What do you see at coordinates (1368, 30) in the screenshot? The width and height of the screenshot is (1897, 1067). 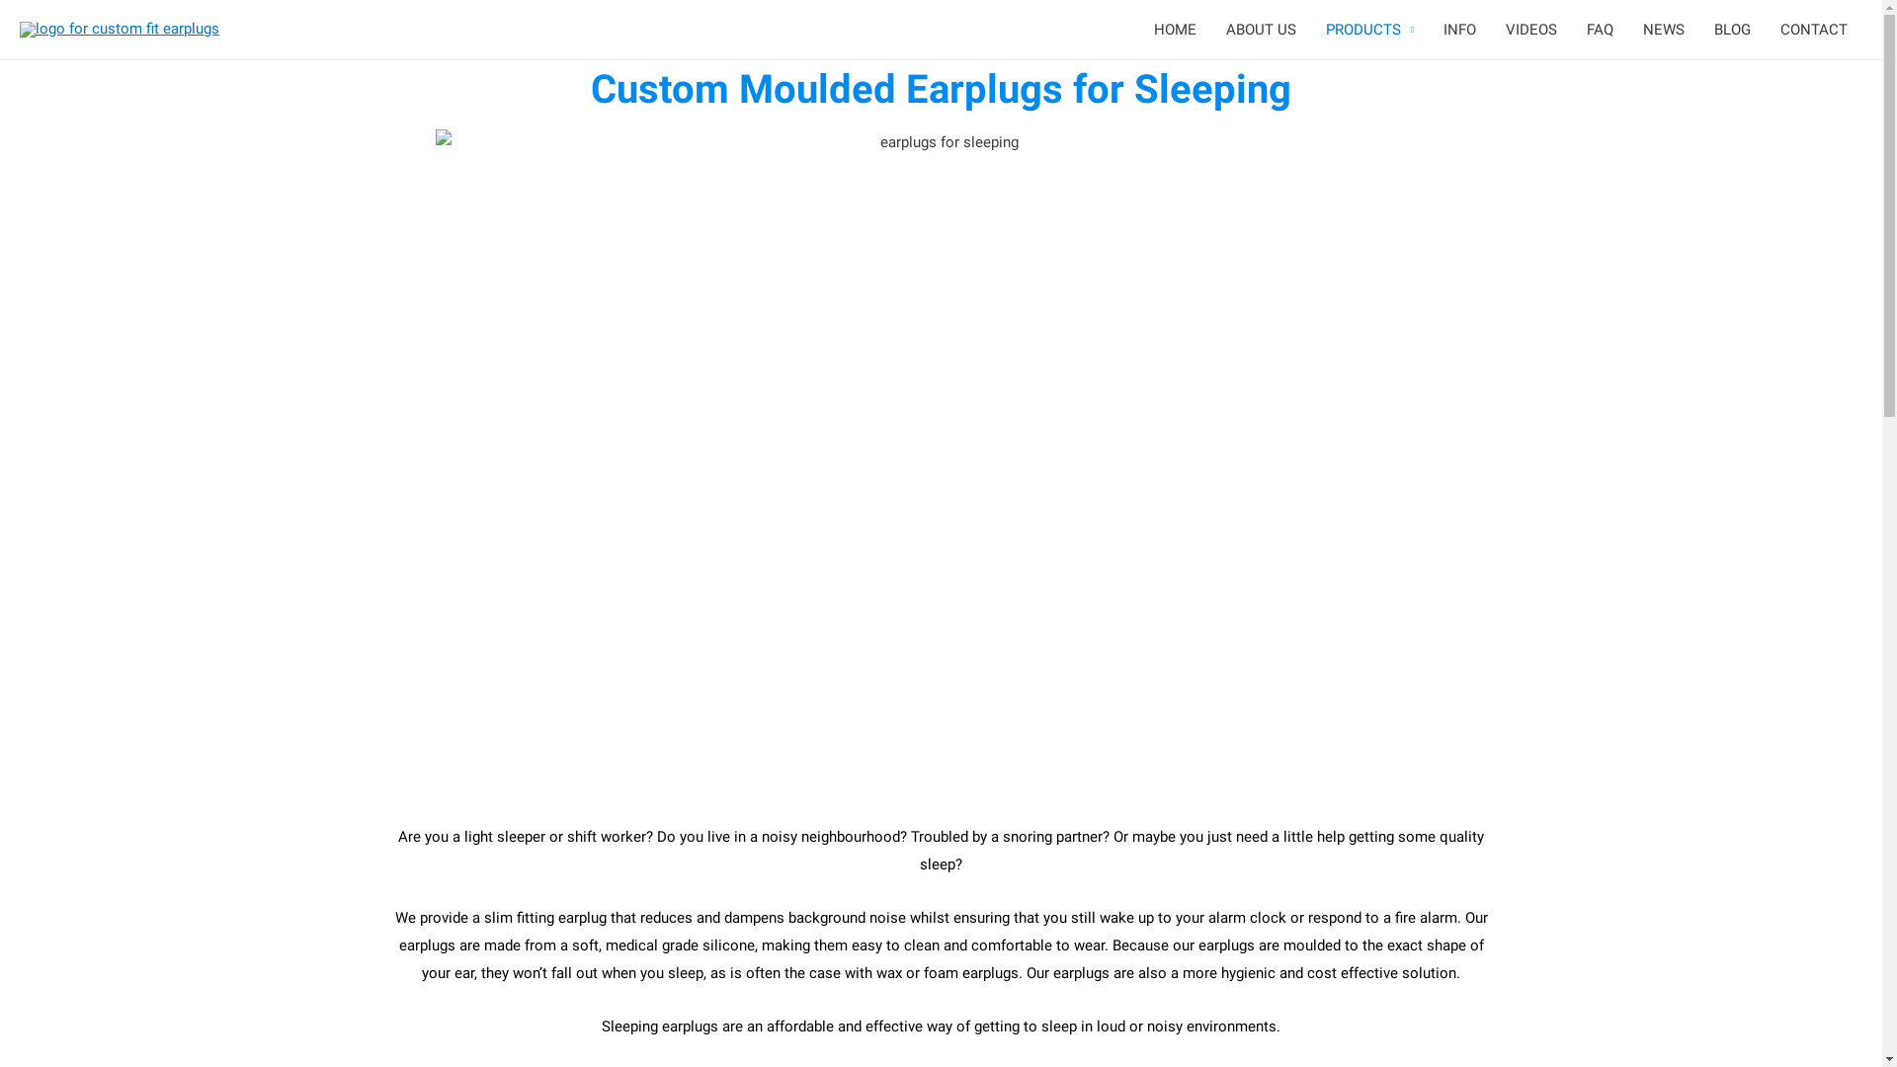 I see `'PRODUCTS'` at bounding box center [1368, 30].